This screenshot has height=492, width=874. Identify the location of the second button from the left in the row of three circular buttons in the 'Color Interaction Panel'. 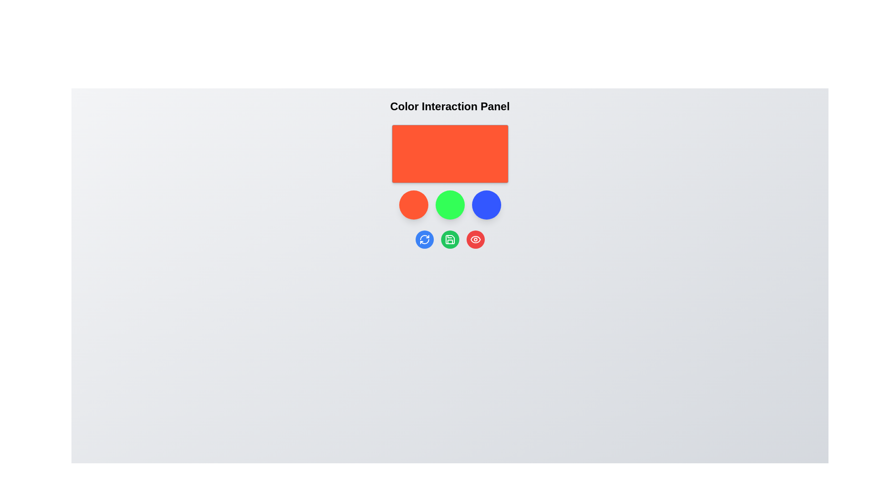
(450, 239).